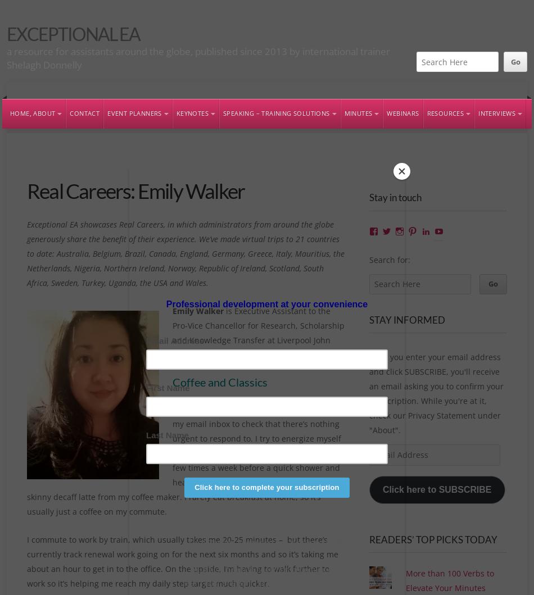  Describe the element at coordinates (219, 381) in the screenshot. I see `'Coffee and Classics'` at that location.